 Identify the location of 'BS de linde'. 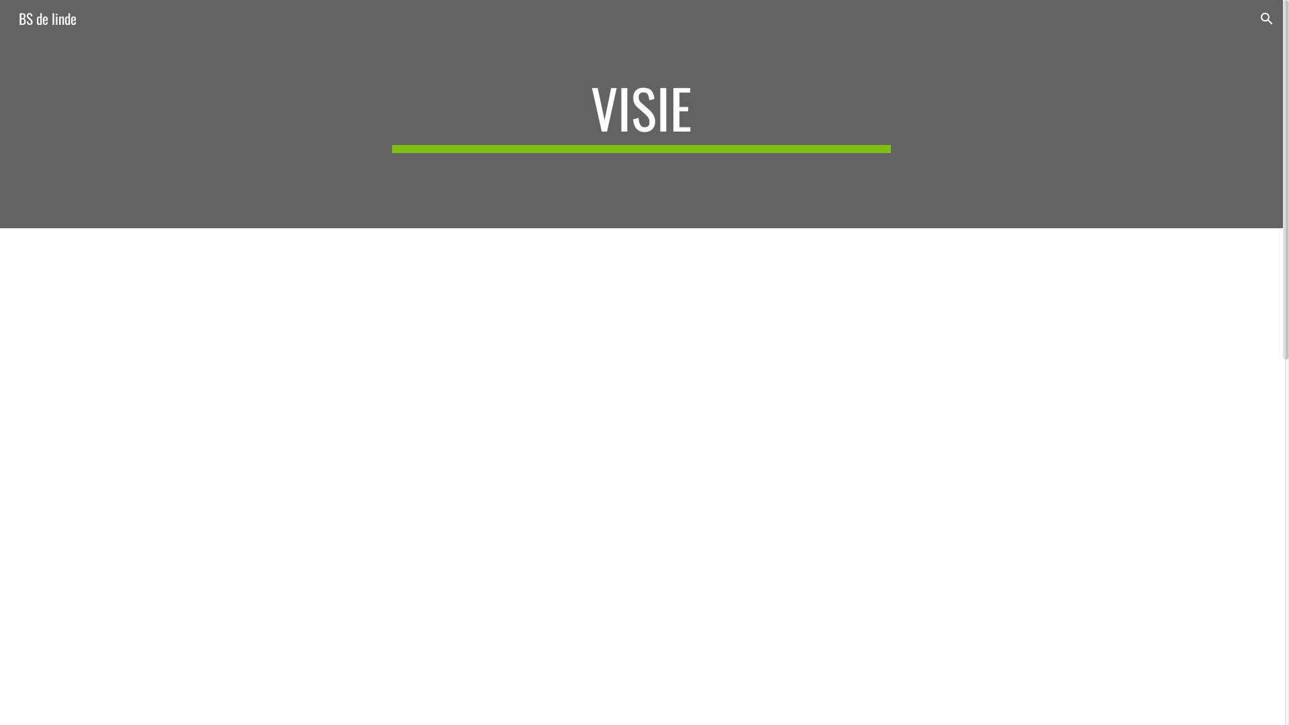
(10, 16).